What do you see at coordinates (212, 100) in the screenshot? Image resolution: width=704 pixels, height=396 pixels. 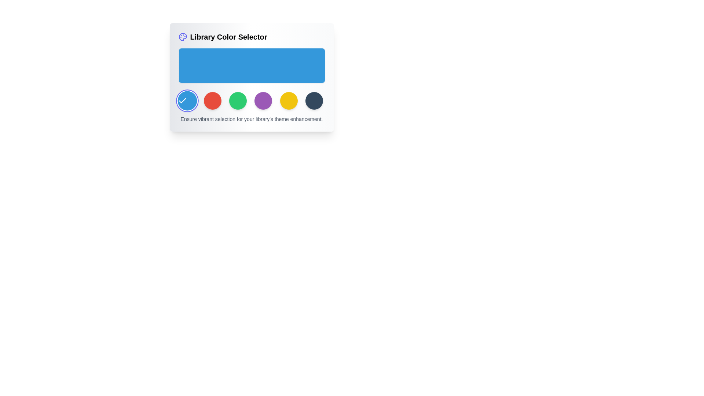 I see `the second circular icon from the left in the color palette` at bounding box center [212, 100].